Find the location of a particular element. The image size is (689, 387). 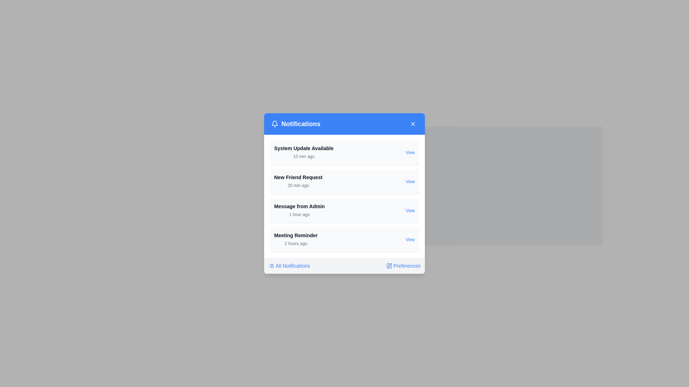

the Static Text that shows the timestamp for the 'Meeting Reminder' notification, located in the bottom-most notification card of the 'Notifications' panel is located at coordinates (296, 243).